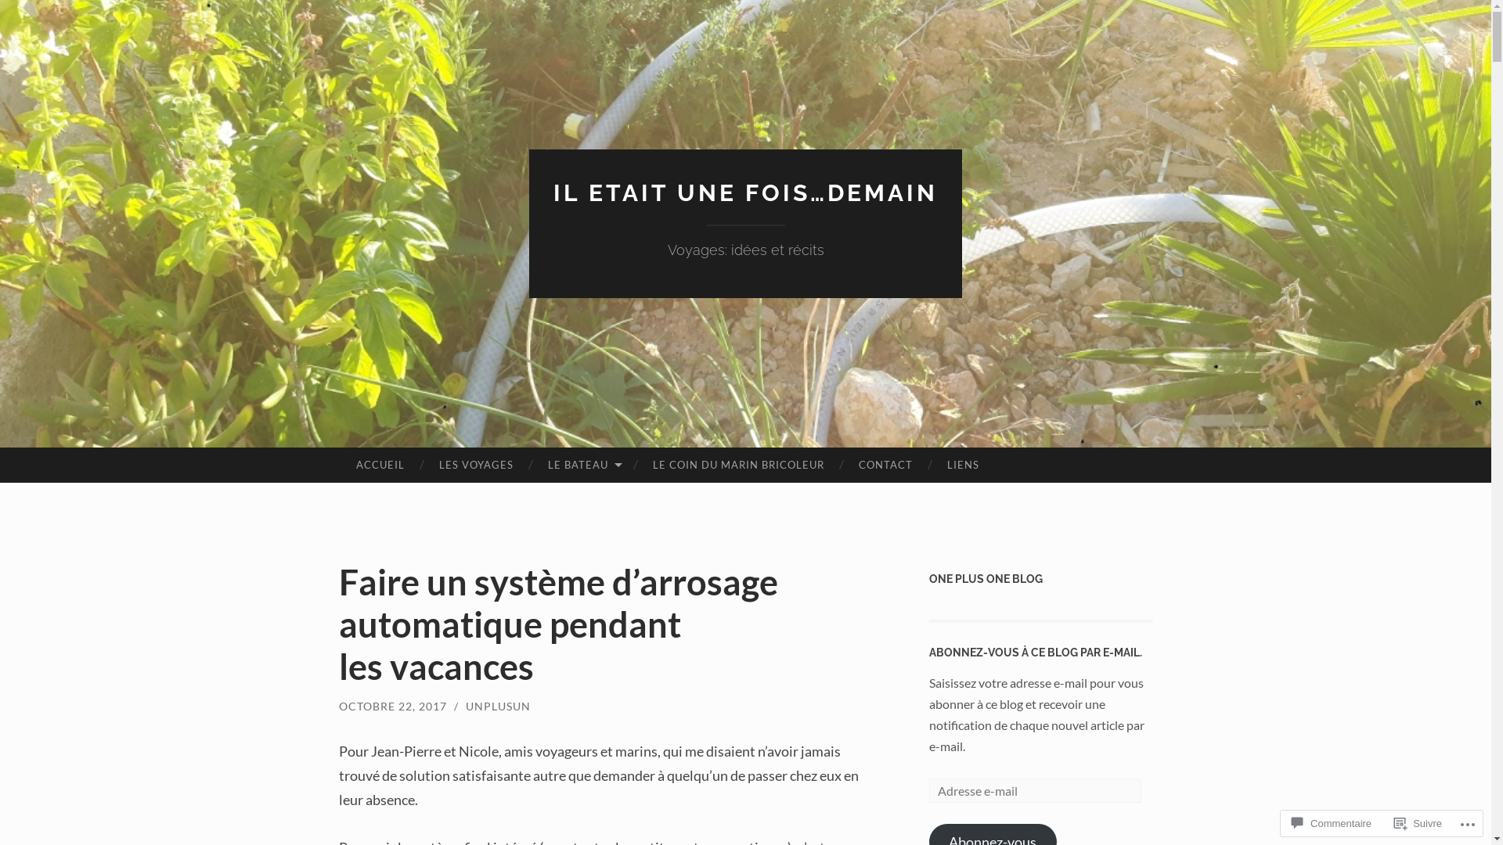 The width and height of the screenshot is (1503, 845). Describe the element at coordinates (475, 464) in the screenshot. I see `'LES VOYAGES'` at that location.